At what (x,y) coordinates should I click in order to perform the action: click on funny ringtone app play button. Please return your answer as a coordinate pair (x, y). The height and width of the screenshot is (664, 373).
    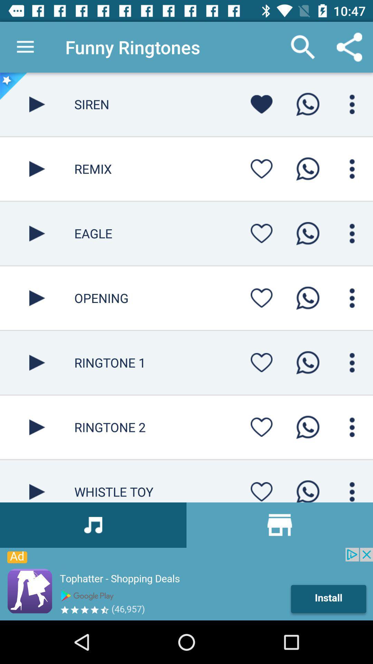
    Looking at the image, I should click on (37, 104).